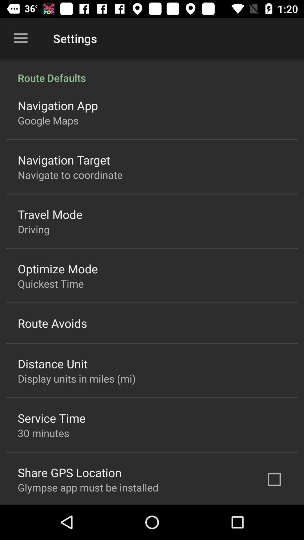  I want to click on the item below google maps icon, so click(64, 159).